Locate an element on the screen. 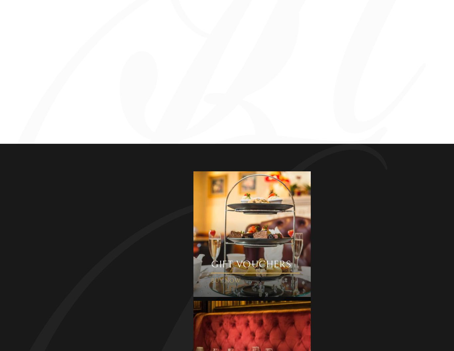 The width and height of the screenshot is (454, 351). 'Gift Vouchers' is located at coordinates (251, 264).